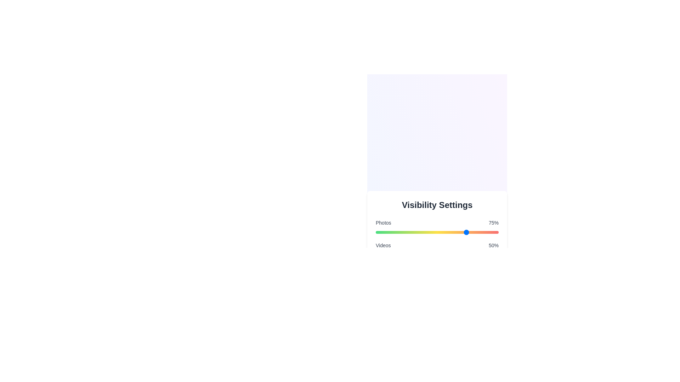 The image size is (680, 382). What do you see at coordinates (384, 232) in the screenshot?
I see `the visibility percentage for a category by setting the slider to 7` at bounding box center [384, 232].